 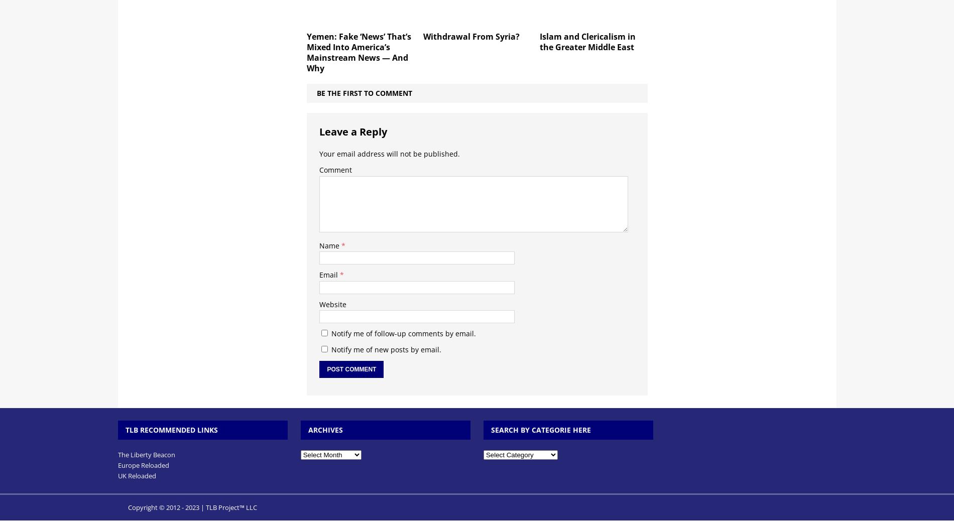 What do you see at coordinates (540, 429) in the screenshot?
I see `'SEARCH BY CATEGORIE HERE'` at bounding box center [540, 429].